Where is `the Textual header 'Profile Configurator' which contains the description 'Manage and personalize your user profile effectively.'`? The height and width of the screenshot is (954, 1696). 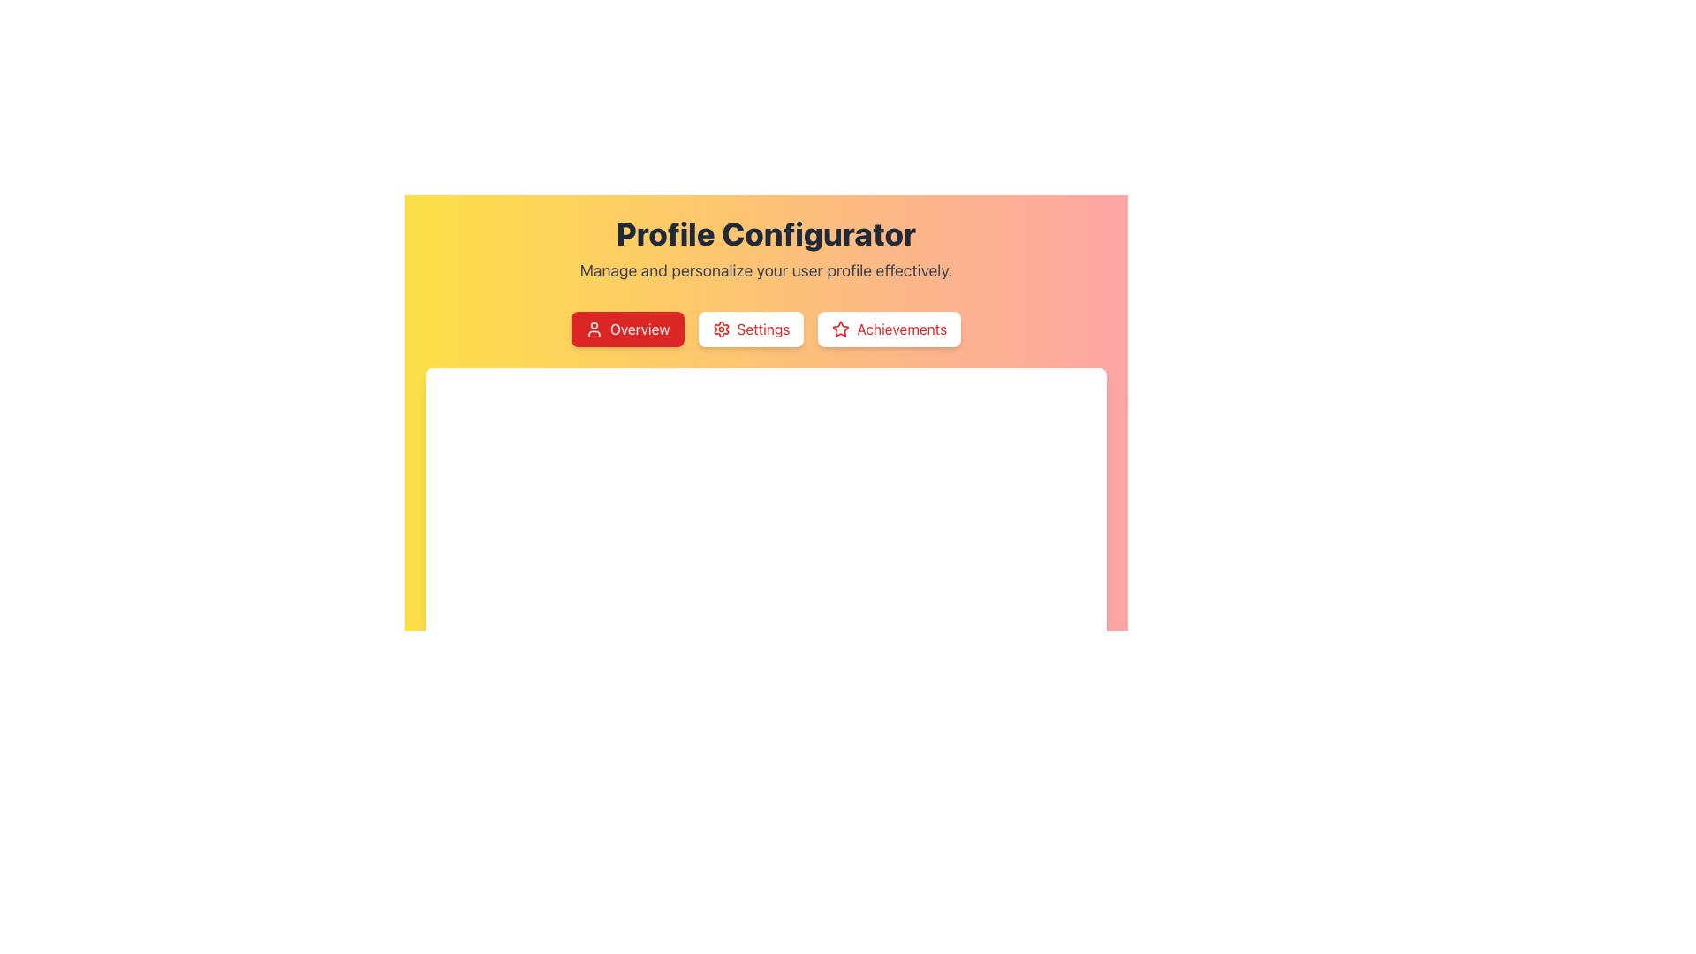
the Textual header 'Profile Configurator' which contains the description 'Manage and personalize your user profile effectively.' is located at coordinates (766, 249).